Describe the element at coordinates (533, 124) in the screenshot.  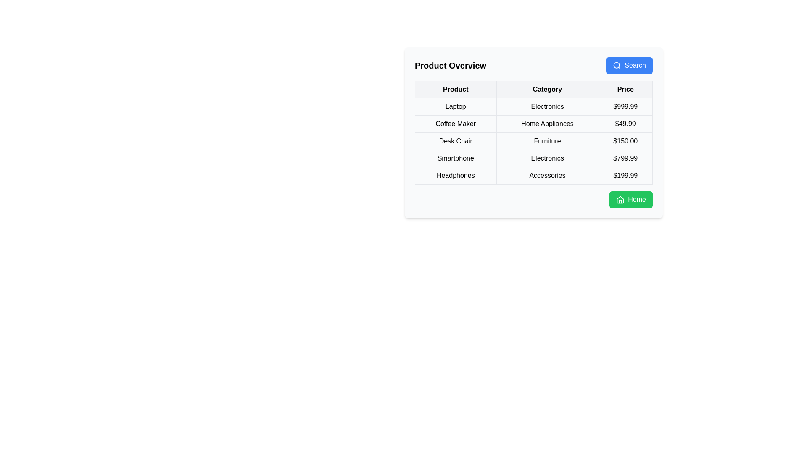
I see `the second row of the table displaying product information, which is located between the 'Laptop' row above and the 'Desk Chair' row below` at that location.